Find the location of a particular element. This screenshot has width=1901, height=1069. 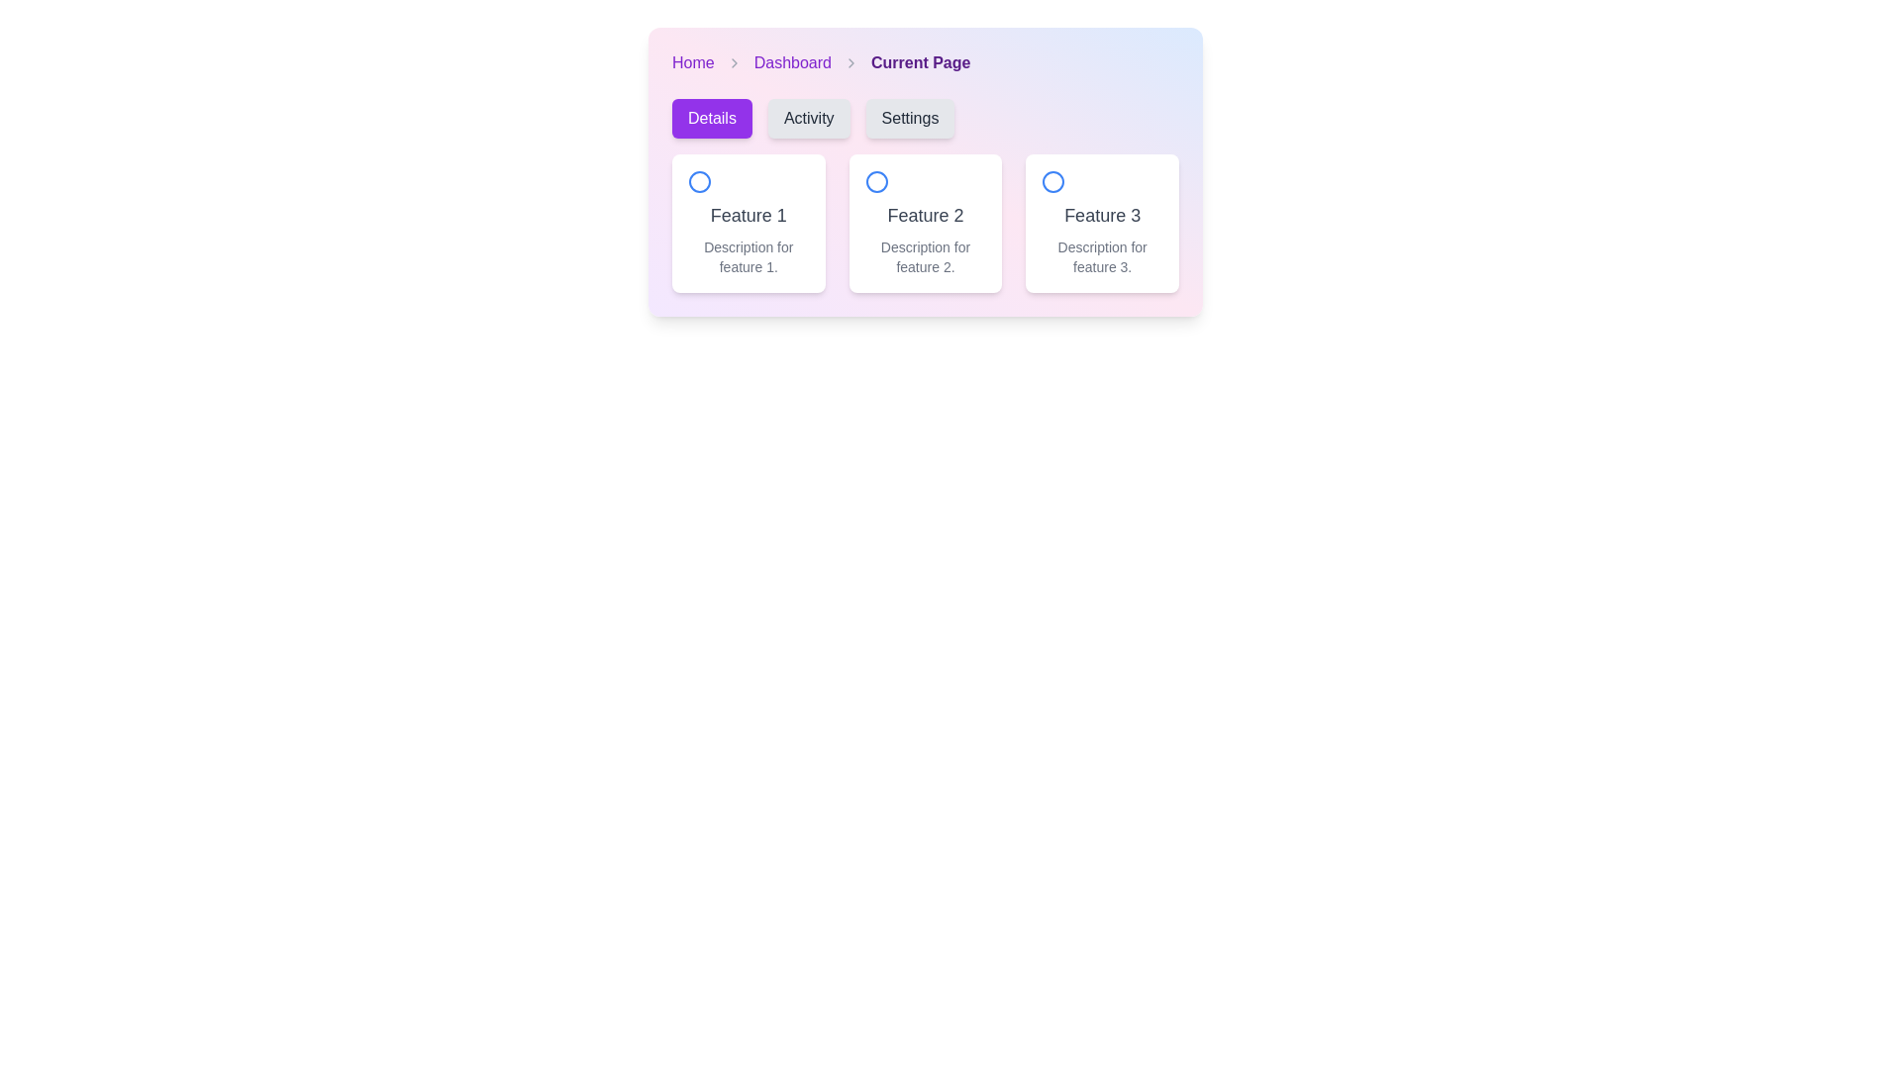

description text label located at the bottom of the 'Feature 2' card, which provides additional details about this feature is located at coordinates (925, 255).